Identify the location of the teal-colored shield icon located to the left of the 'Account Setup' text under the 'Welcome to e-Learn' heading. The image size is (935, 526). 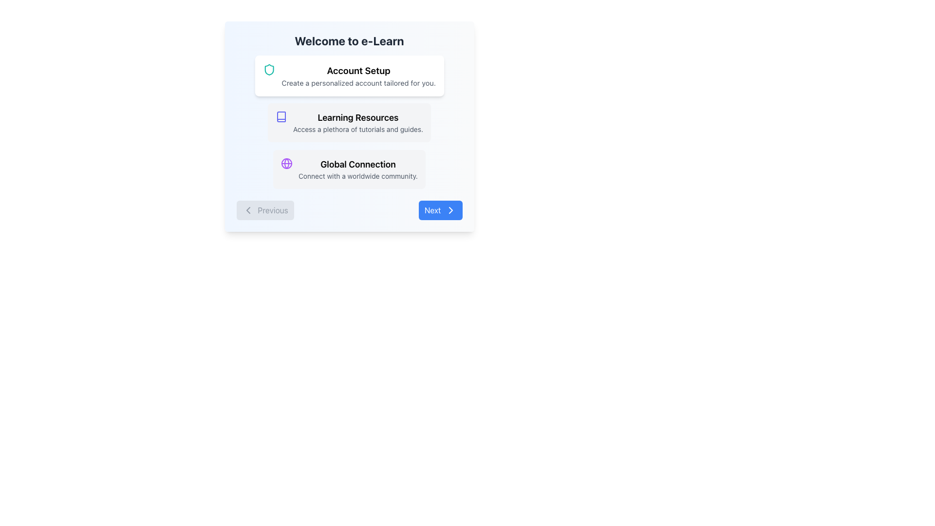
(269, 69).